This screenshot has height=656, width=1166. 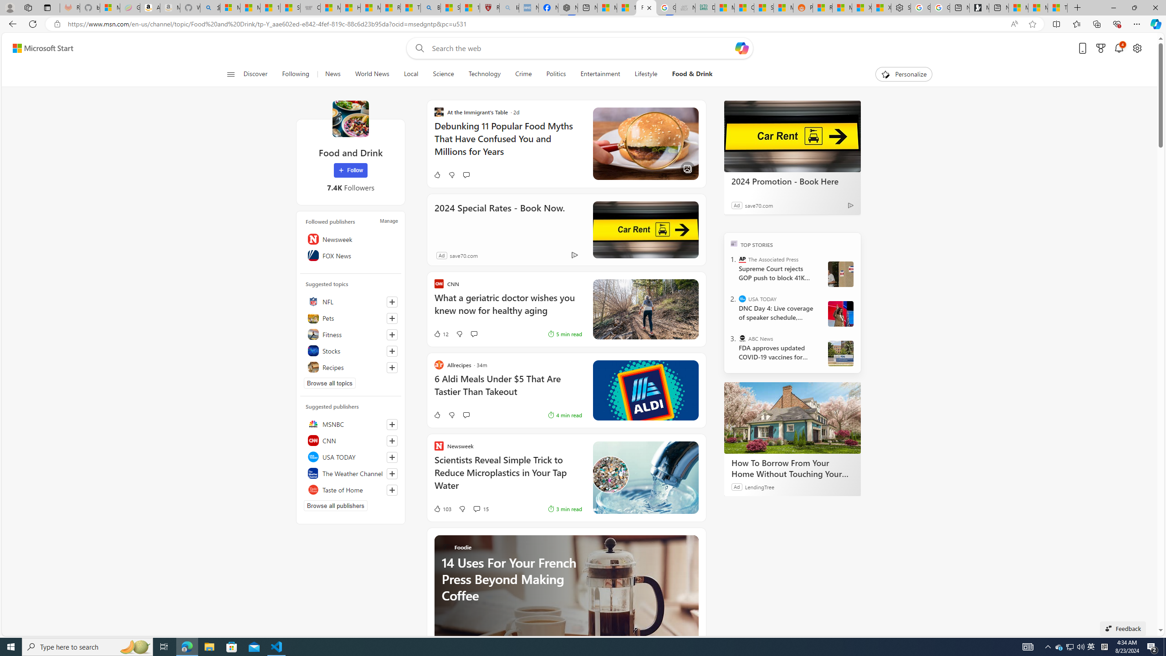 I want to click on 'Food & Drink', so click(x=692, y=74).